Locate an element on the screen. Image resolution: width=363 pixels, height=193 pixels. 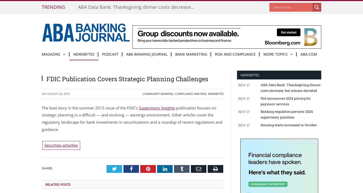
'Securities activities' is located at coordinates (61, 145).